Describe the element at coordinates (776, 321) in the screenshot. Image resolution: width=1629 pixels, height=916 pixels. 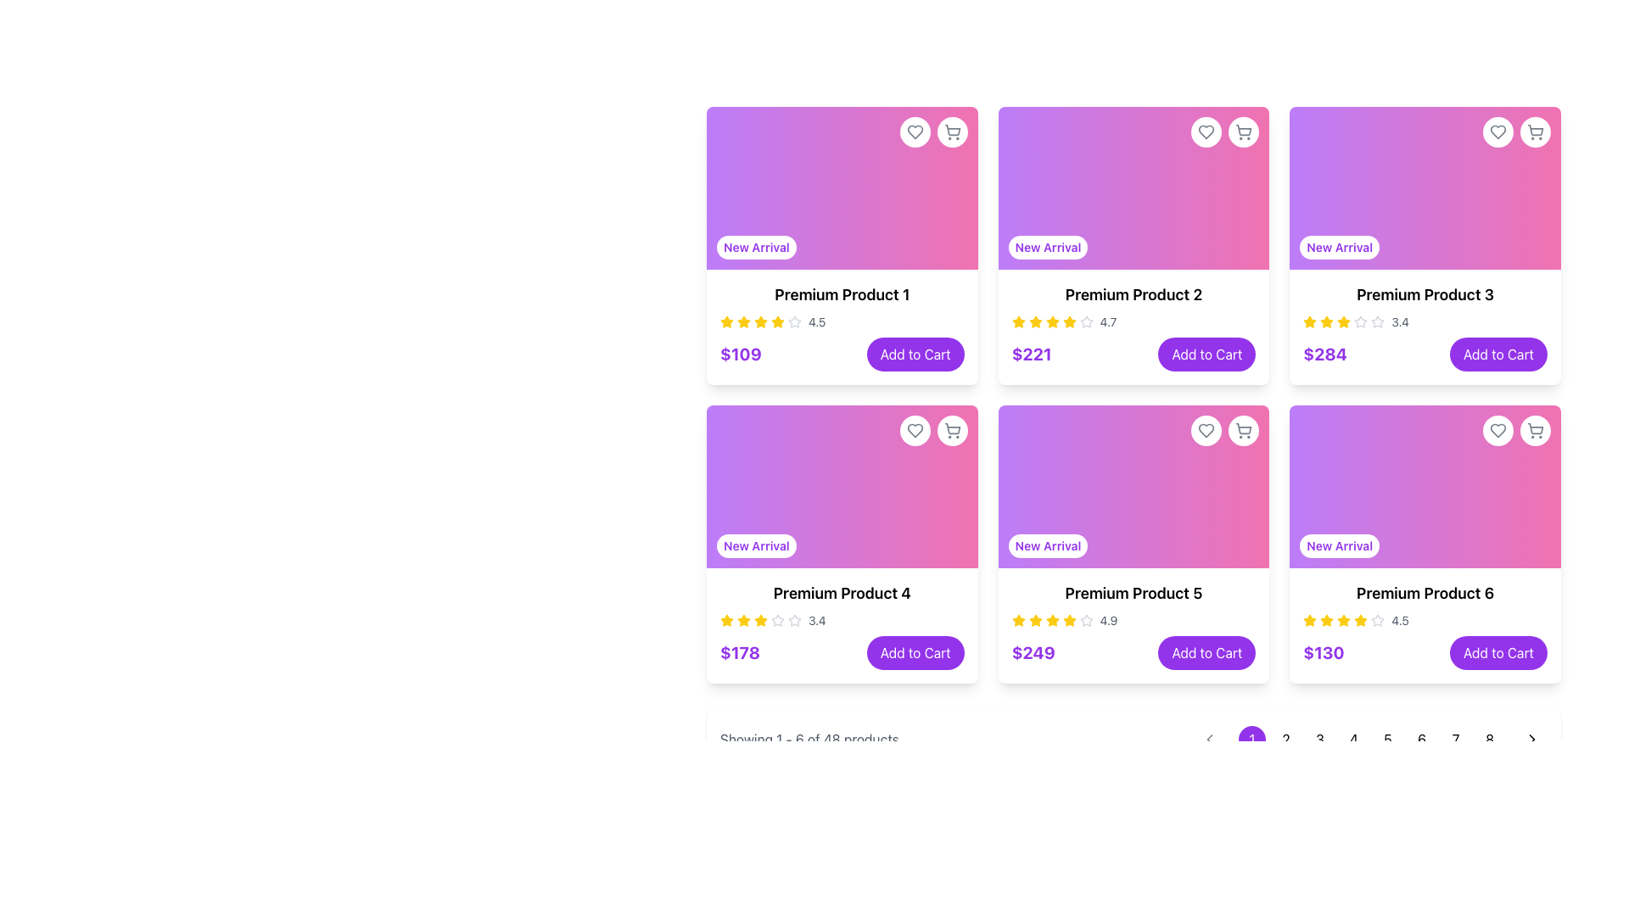
I see `the second star icon in the five-star rating system for the product 'Premium Product 1', located below the product image` at that location.